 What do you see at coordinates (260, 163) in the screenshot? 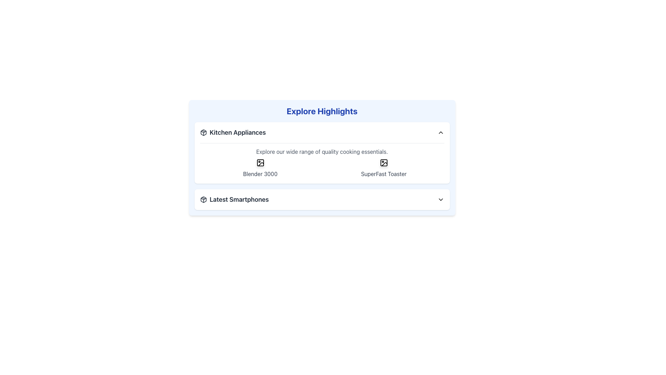
I see `the decorative rectangle positioned in the upper-left region of the 'Blender 3000' image box under 'Kitchen Appliances'` at bounding box center [260, 163].